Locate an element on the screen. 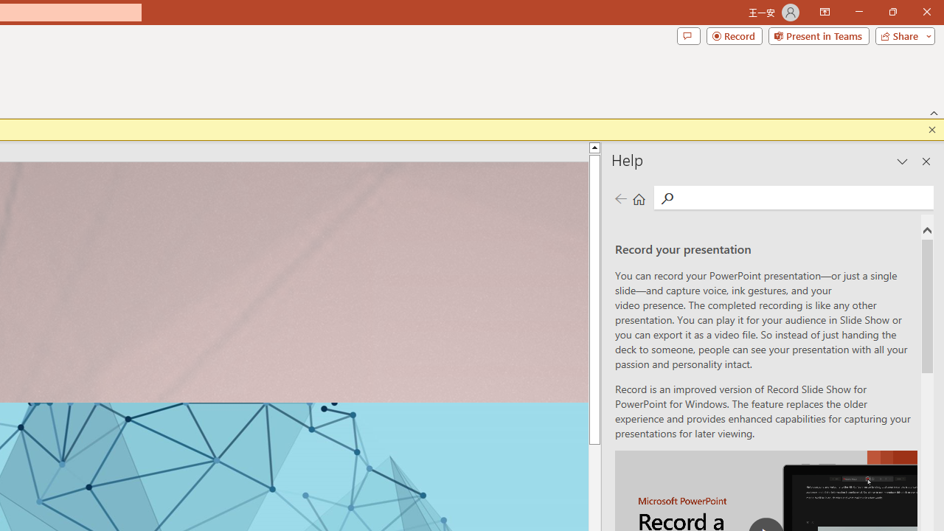 Image resolution: width=944 pixels, height=531 pixels. 'Close' is located at coordinates (926, 12).